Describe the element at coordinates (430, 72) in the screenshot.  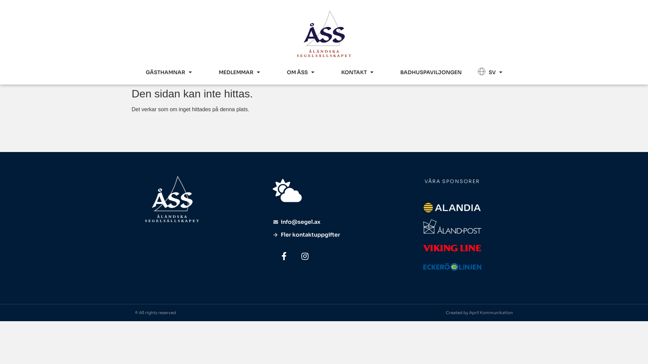
I see `'BADHUSPAVILJONGEN'` at that location.